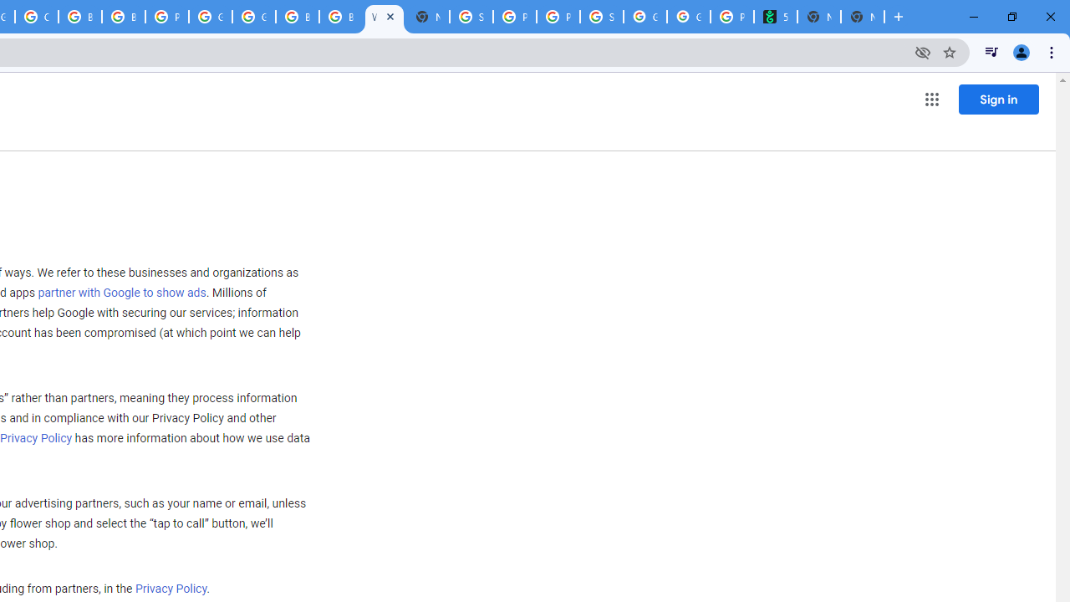 This screenshot has width=1070, height=602. Describe the element at coordinates (863, 17) in the screenshot. I see `'New Tab'` at that location.